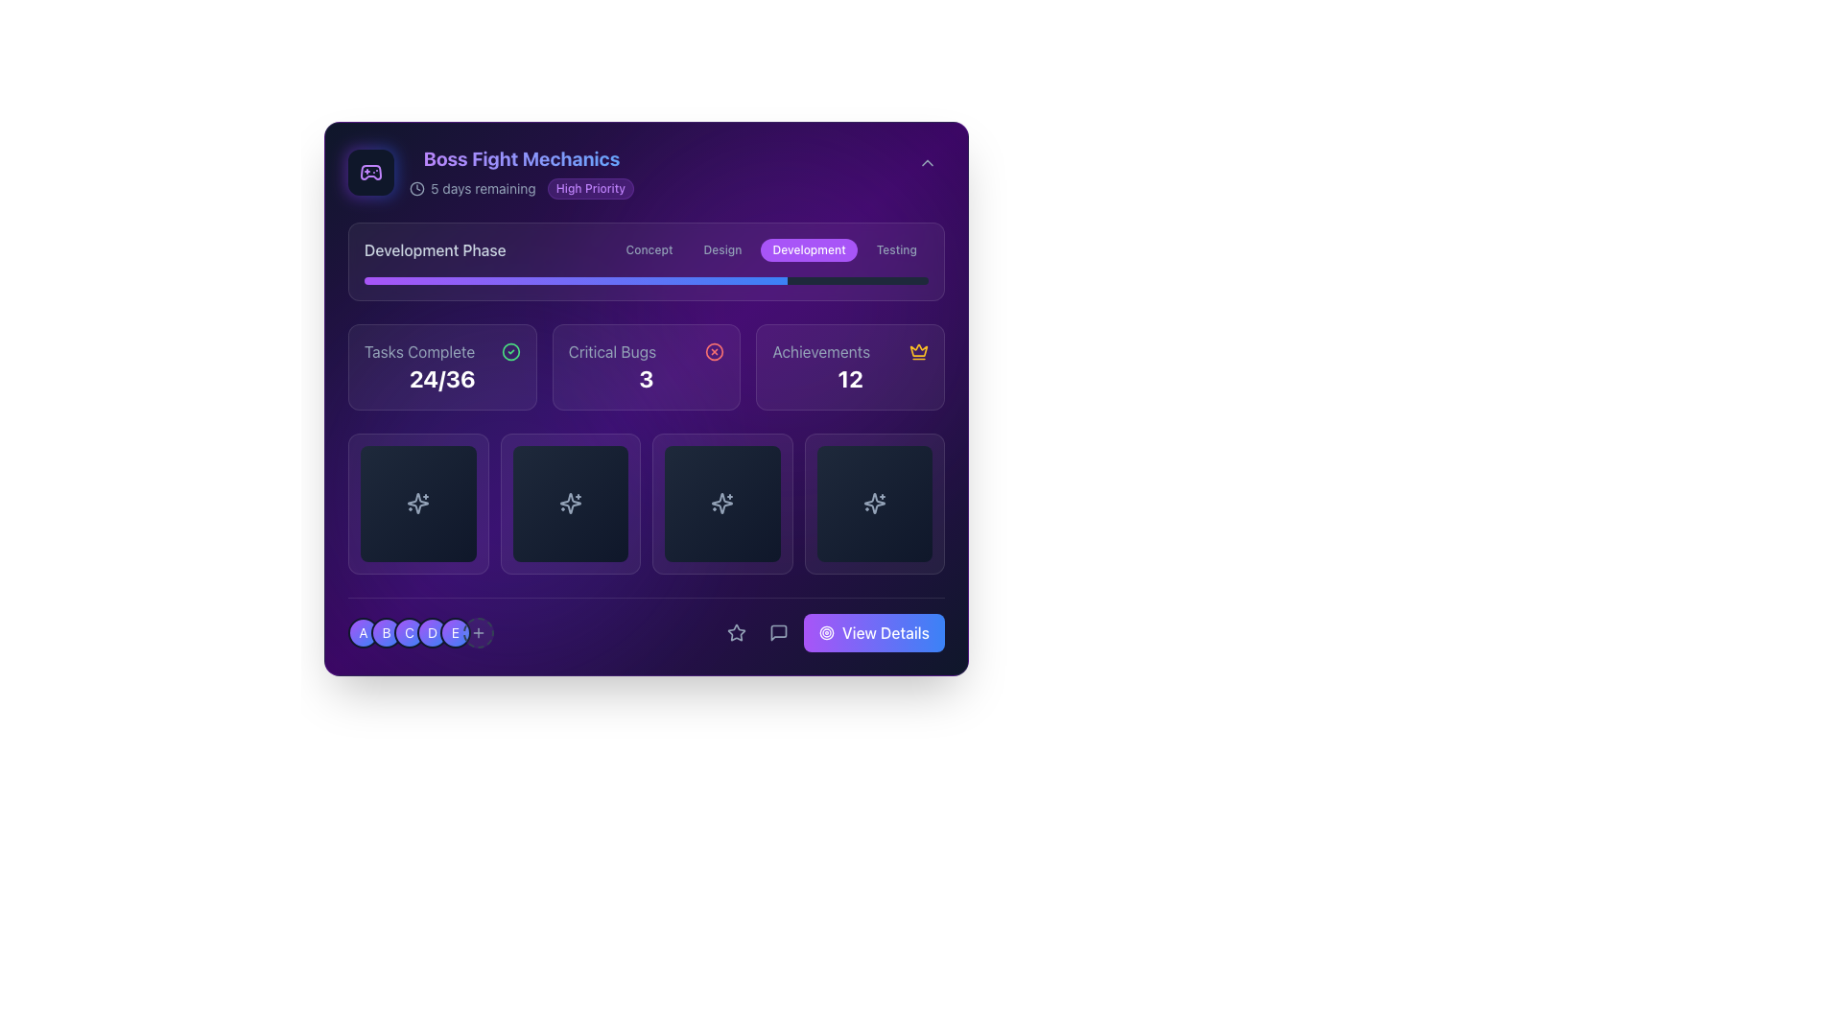 Image resolution: width=1842 pixels, height=1036 pixels. I want to click on the star-shaped SVG icon representing achievements, located centrally within the 'Achievements' box in the dashboard's metrics section, so click(736, 632).